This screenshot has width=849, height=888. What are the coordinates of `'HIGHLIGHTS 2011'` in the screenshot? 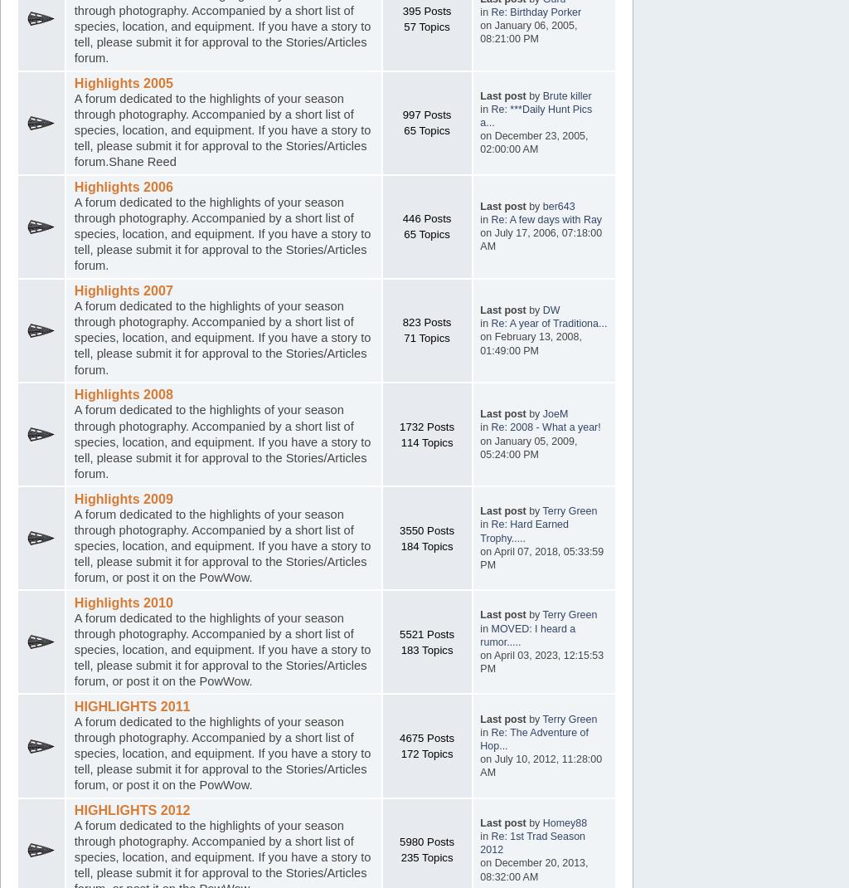 It's located at (73, 705).